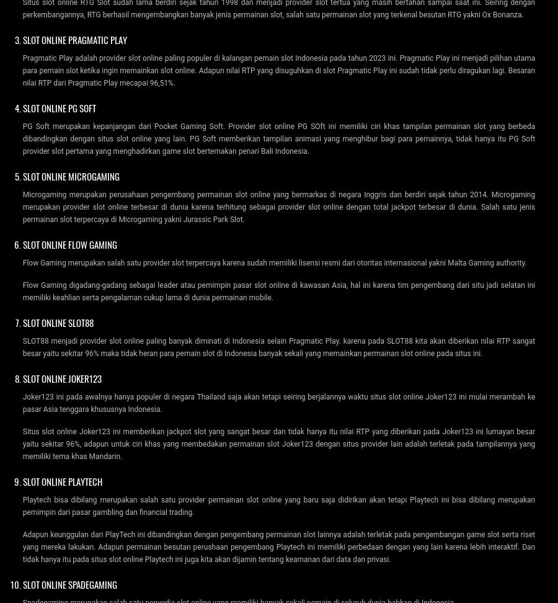 The image size is (558, 603). What do you see at coordinates (22, 377) in the screenshot?
I see `'Slot Online Joker123'` at bounding box center [22, 377].